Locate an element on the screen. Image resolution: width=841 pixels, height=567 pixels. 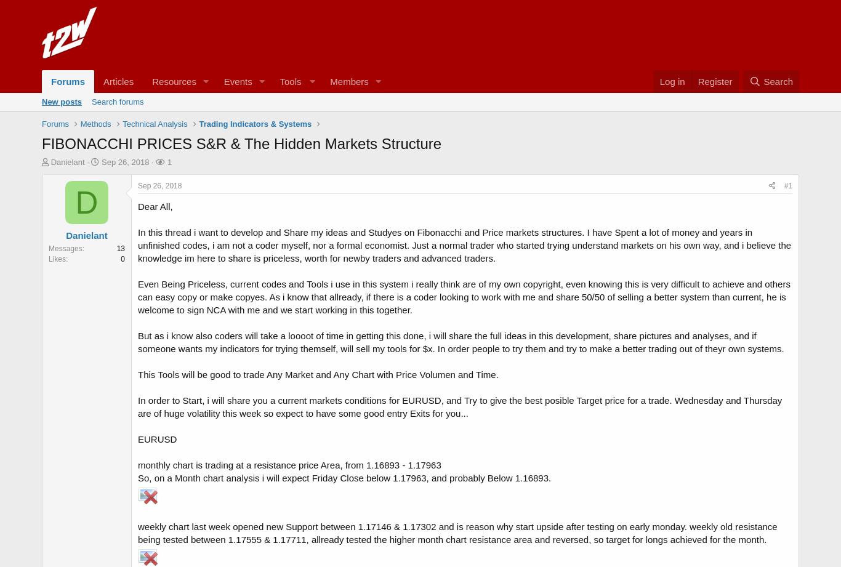
'1' is located at coordinates (169, 161).